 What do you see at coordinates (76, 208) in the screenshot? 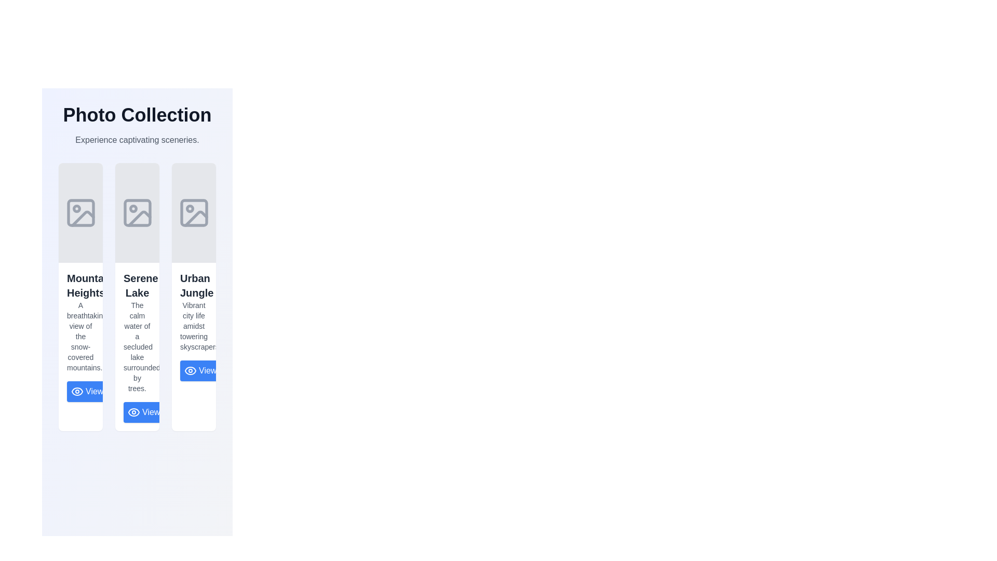
I see `the small circular graphical element located inside the 'Mountain Heights' icon at the top-left section` at bounding box center [76, 208].